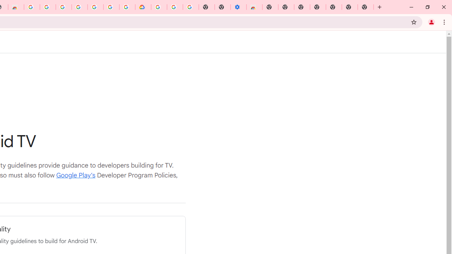  I want to click on 'Turn cookies on or off - Computer - Google Account Help', so click(191, 7).